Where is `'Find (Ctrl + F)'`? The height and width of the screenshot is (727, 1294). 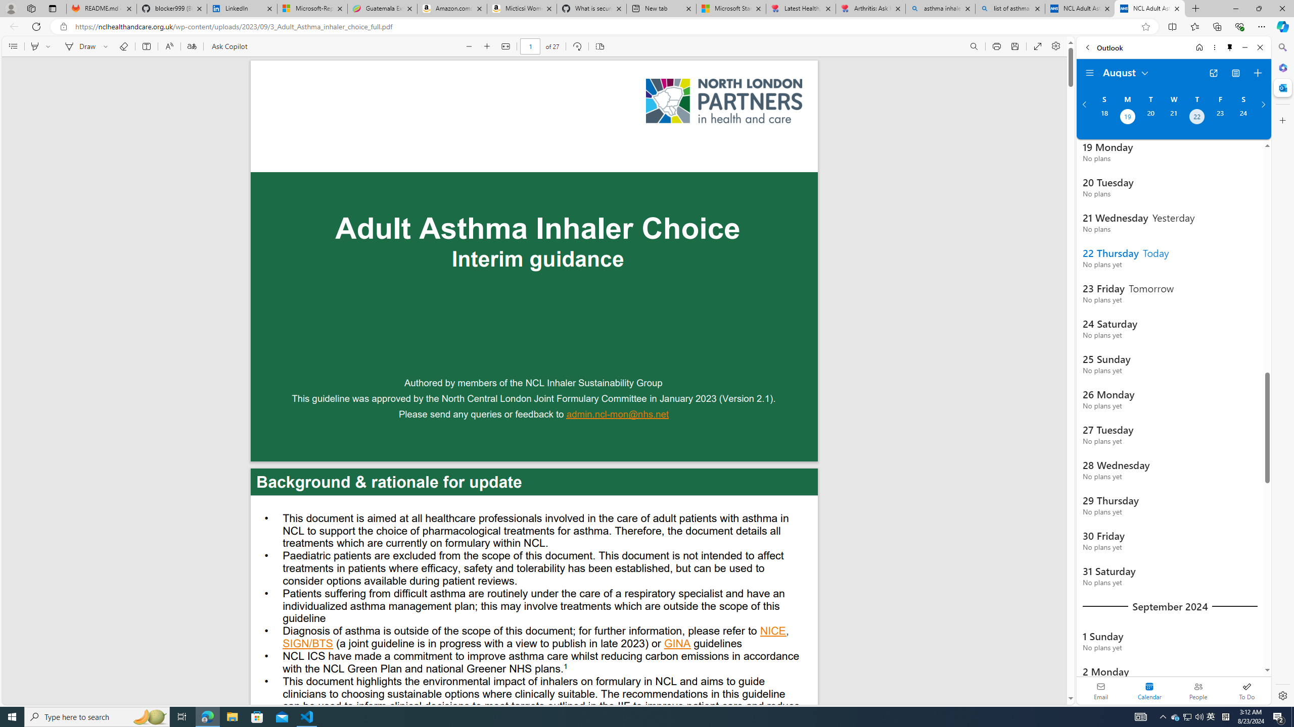
'Find (Ctrl + F)' is located at coordinates (974, 46).